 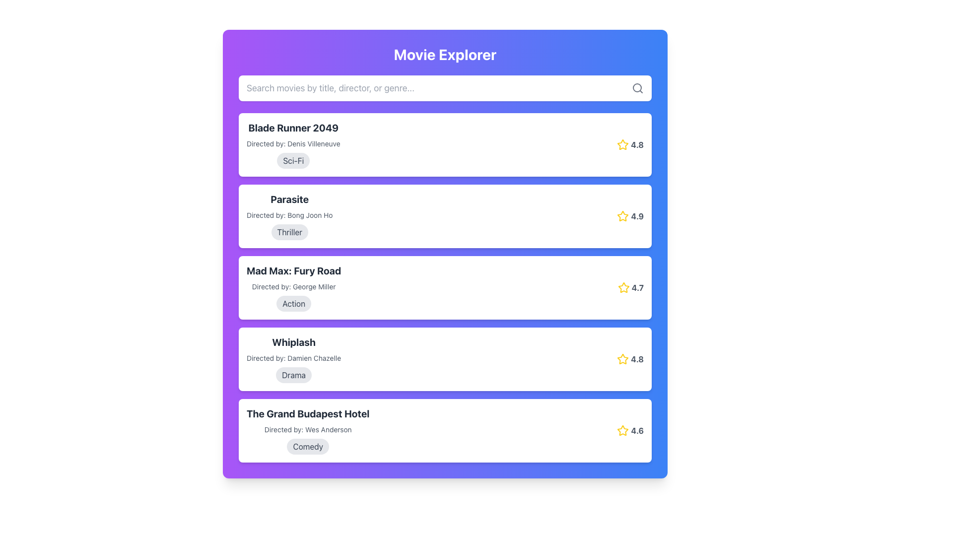 I want to click on the bold, gray-colored numeric text displaying '4.7' located adjacent to the yellow star icon next to the third movie entry 'Mad Max: Fury Road', so click(x=637, y=287).